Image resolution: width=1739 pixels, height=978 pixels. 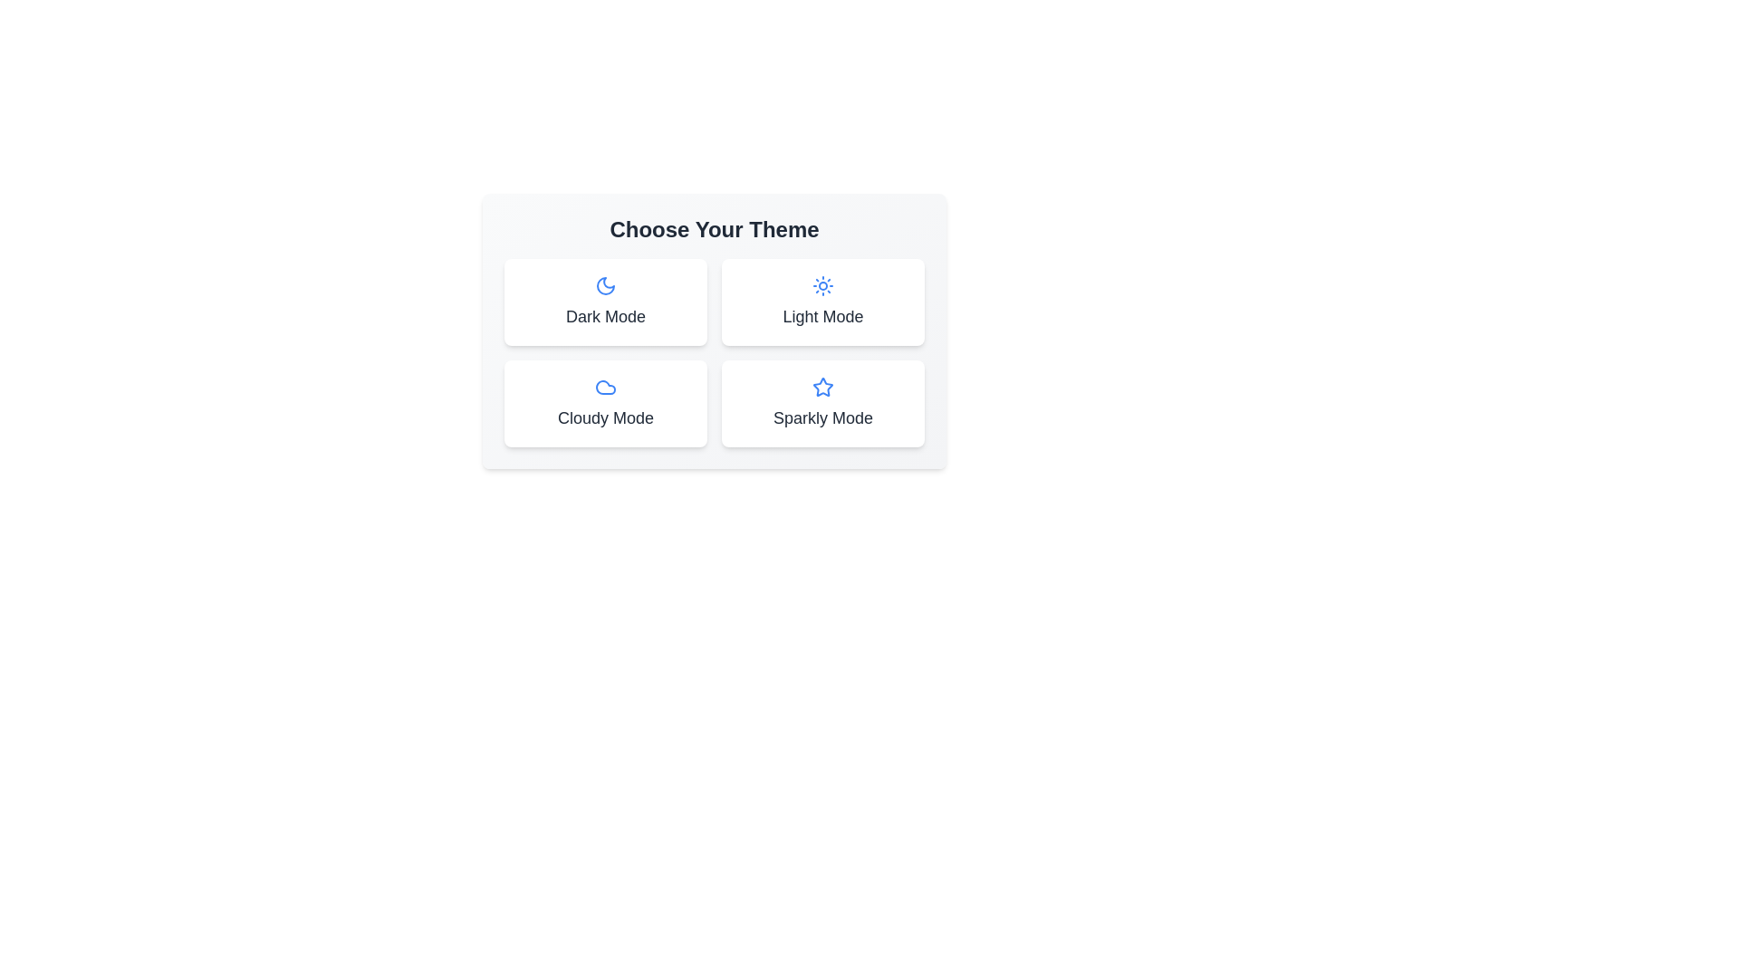 I want to click on the 'Cloudy Mode' text label, which is displayed in a medium-sized, bold, gray font, located in the lower-left quadrant of the theme selection interface, so click(x=605, y=418).